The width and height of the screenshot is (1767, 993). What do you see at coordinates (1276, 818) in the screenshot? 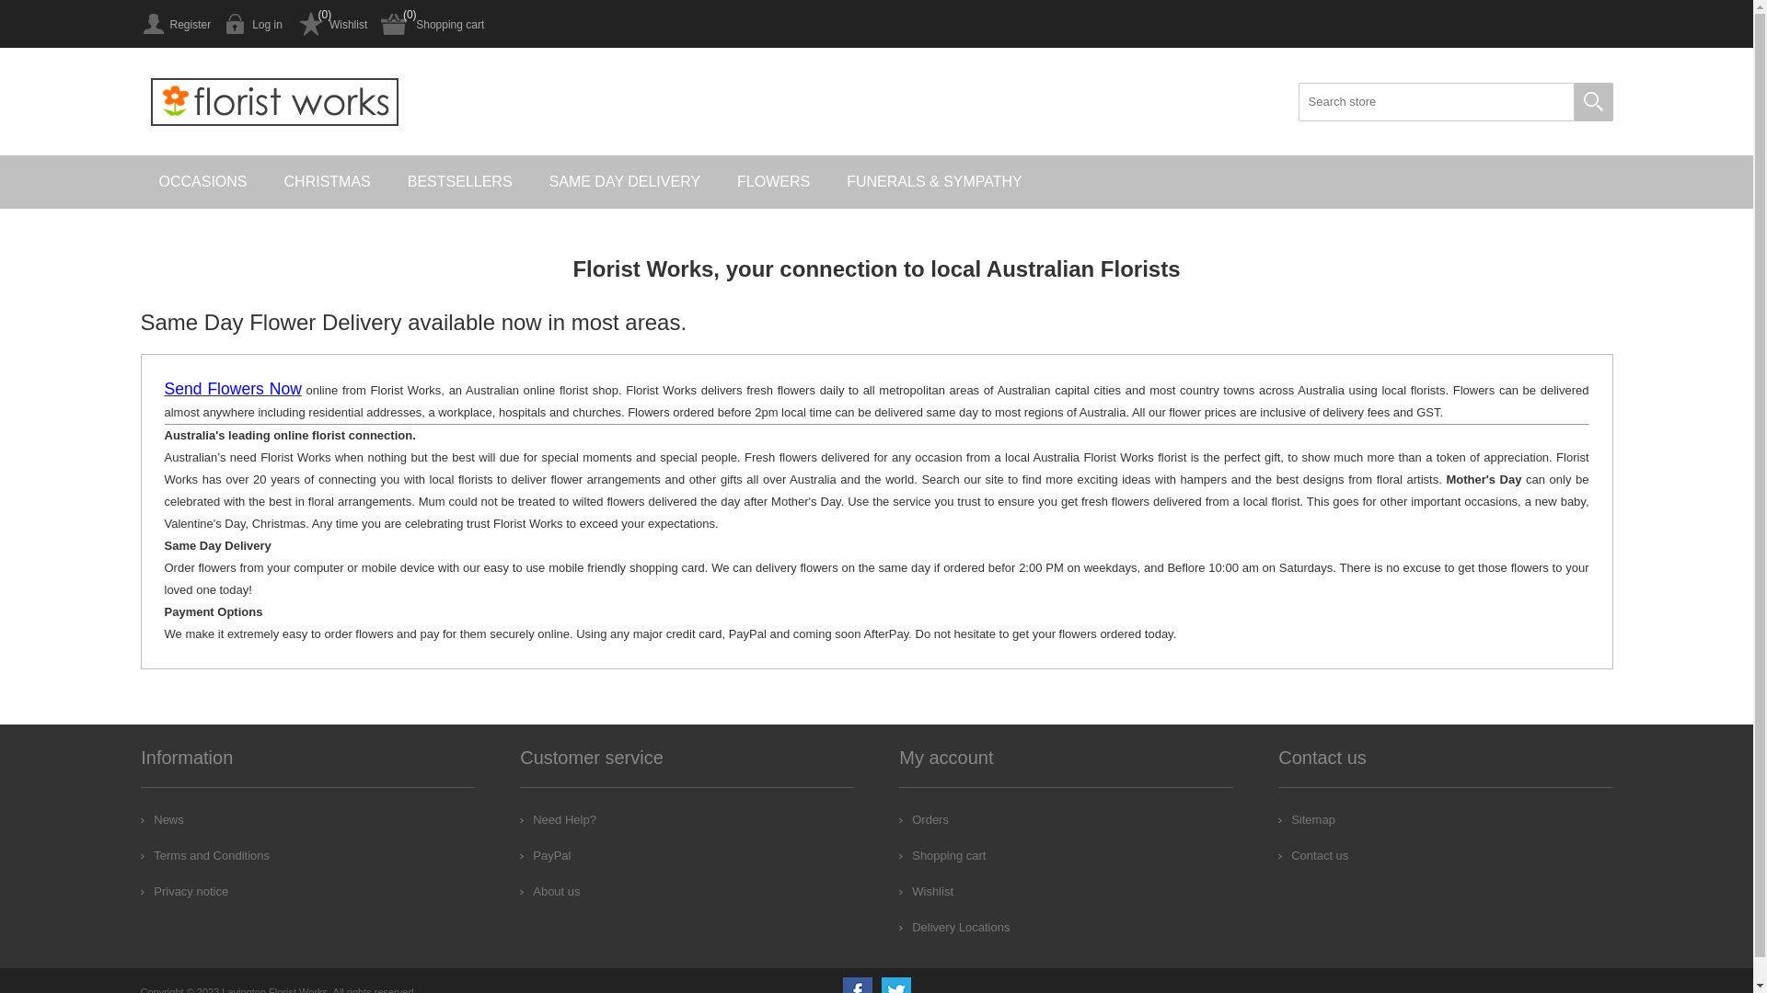
I see `'Sitemap'` at bounding box center [1276, 818].